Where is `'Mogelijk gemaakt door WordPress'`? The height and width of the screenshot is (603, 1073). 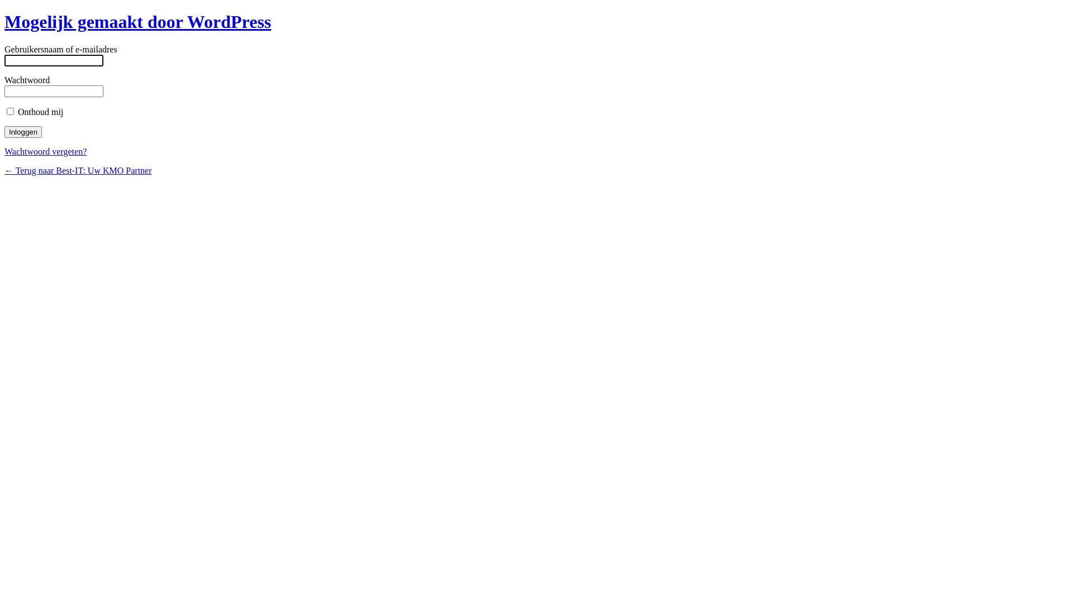
'Mogelijk gemaakt door WordPress' is located at coordinates (137, 21).